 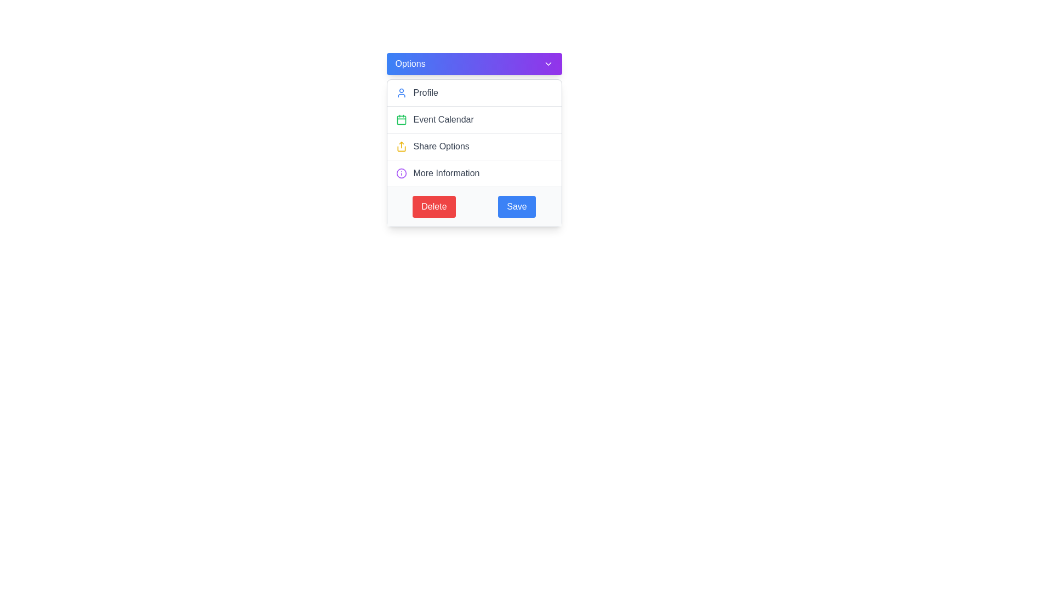 What do you see at coordinates (474, 63) in the screenshot?
I see `the 'Options' dropdown trigger button located at the top section of the interface` at bounding box center [474, 63].